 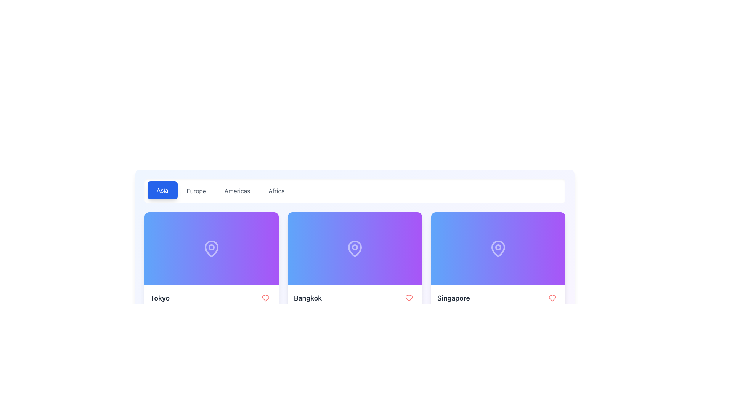 What do you see at coordinates (453, 298) in the screenshot?
I see `the Text label located at the bottom portion of the card, which provides geographic or categorical information and is positioned to the left of a heart-shaped icon` at bounding box center [453, 298].